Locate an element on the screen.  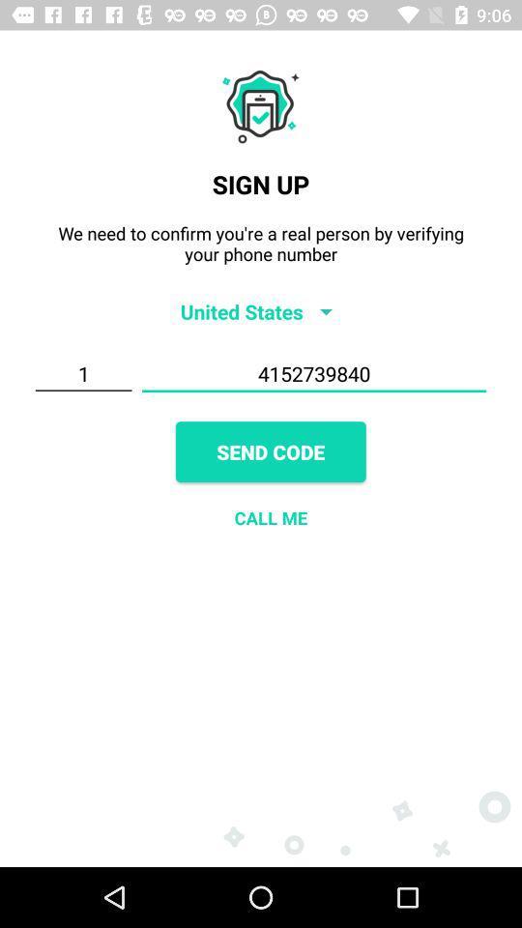
send code item is located at coordinates (270, 451).